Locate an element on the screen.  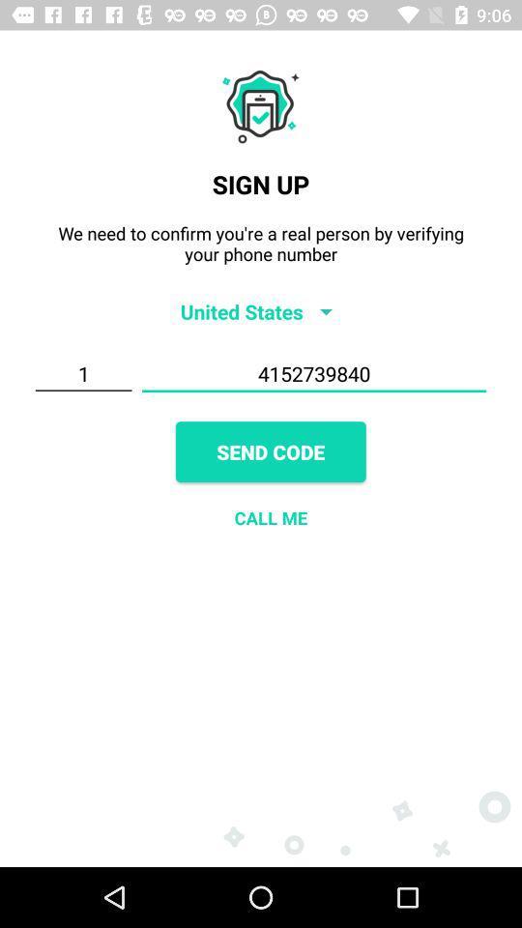
send code item is located at coordinates (270, 451).